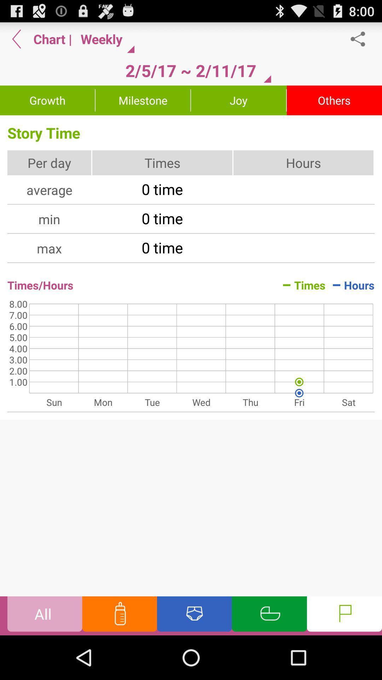 The height and width of the screenshot is (680, 382). I want to click on the item next to the  |  app, so click(105, 39).